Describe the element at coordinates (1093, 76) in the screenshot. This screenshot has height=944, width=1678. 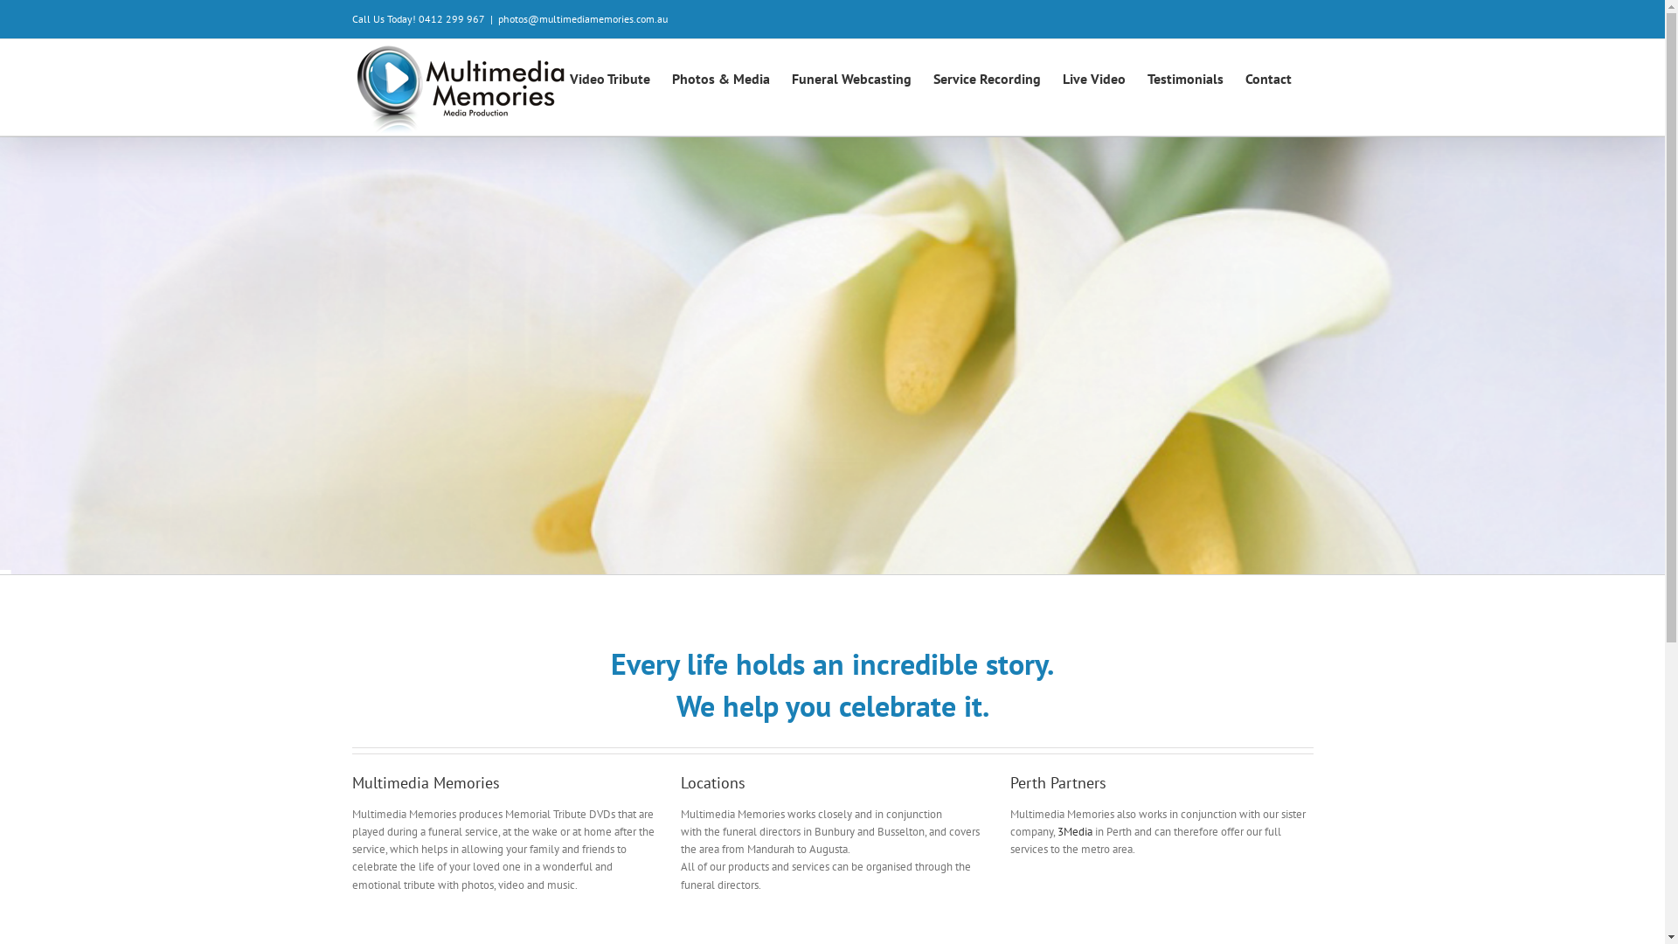
I see `'Live Video'` at that location.